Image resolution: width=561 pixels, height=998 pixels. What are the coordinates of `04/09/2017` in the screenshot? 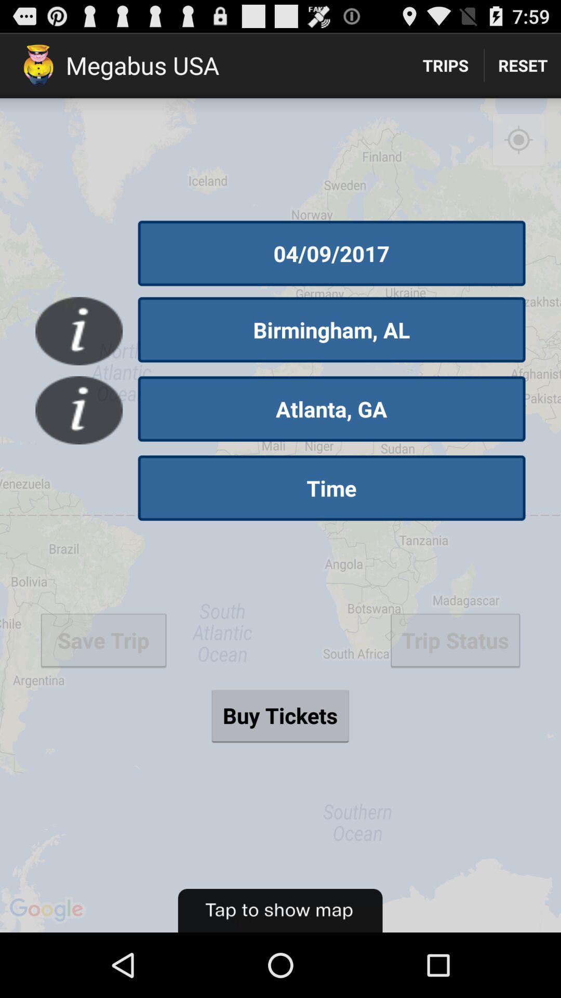 It's located at (331, 253).